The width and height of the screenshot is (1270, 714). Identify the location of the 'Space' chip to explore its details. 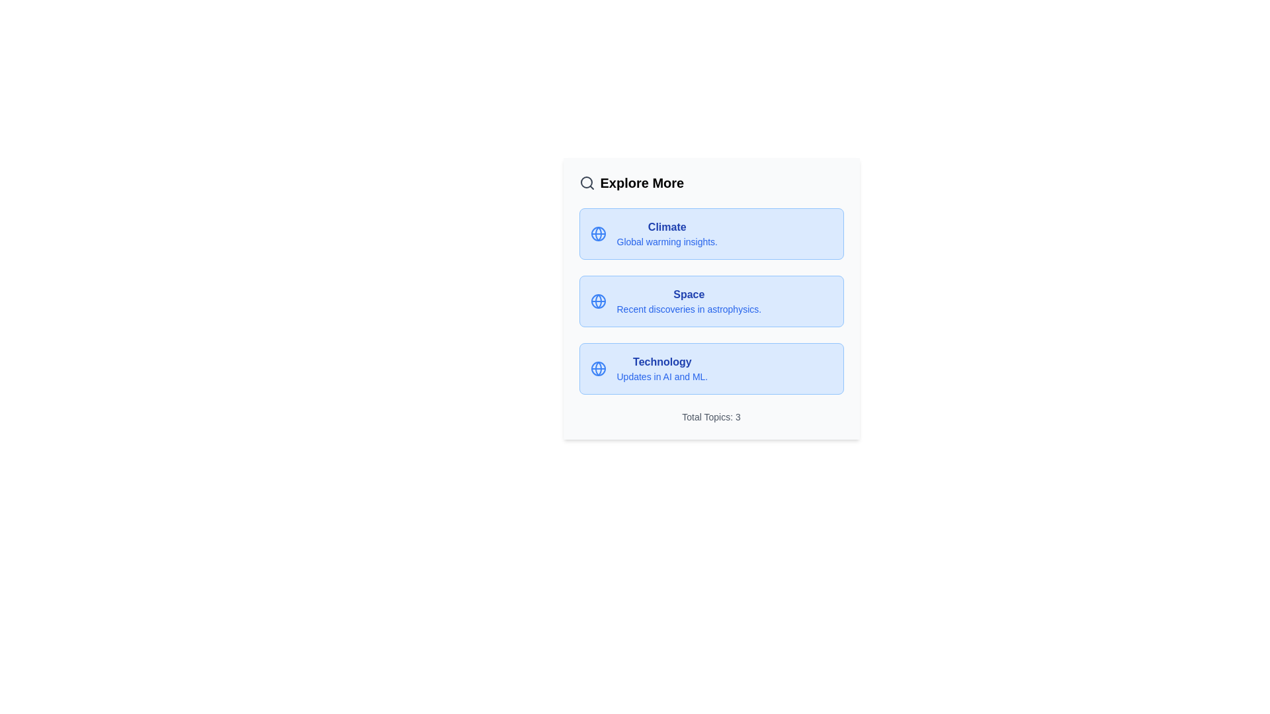
(710, 301).